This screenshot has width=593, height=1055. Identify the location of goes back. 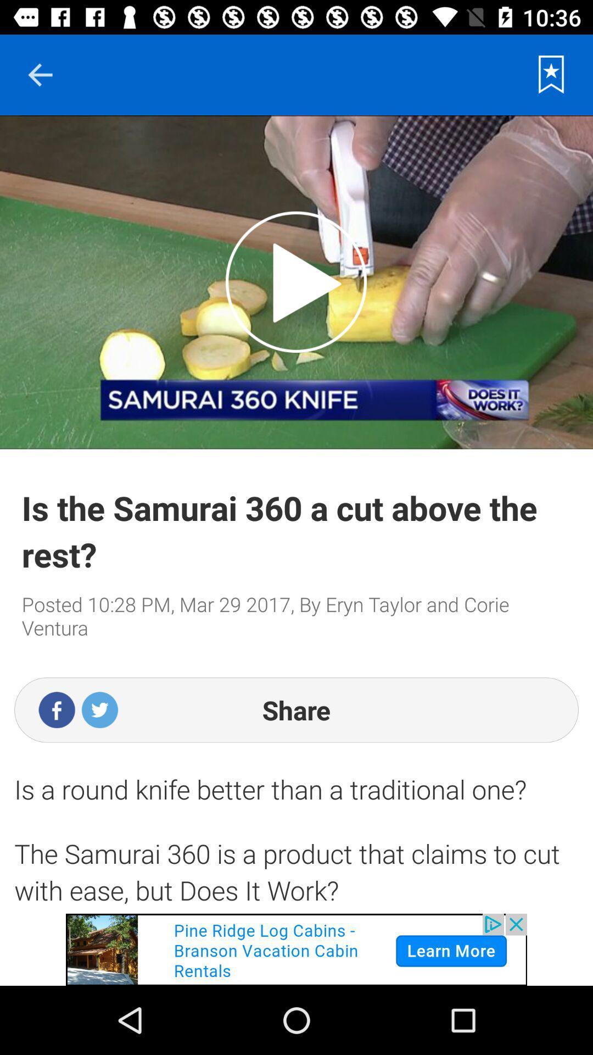
(40, 74).